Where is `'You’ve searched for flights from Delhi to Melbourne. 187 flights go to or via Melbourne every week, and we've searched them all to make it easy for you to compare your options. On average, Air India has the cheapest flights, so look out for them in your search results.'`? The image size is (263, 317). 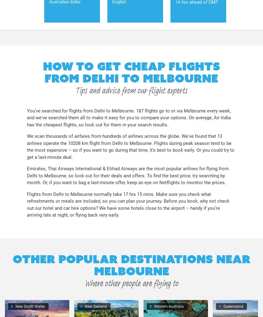
'You’ve searched for flights from Delhi to Melbourne. 187 flights go to or via Melbourne every week, and we've searched them all to make it easy for you to compare your options. On average, Air India has the cheapest flights, so look out for them in your search results.' is located at coordinates (128, 117).